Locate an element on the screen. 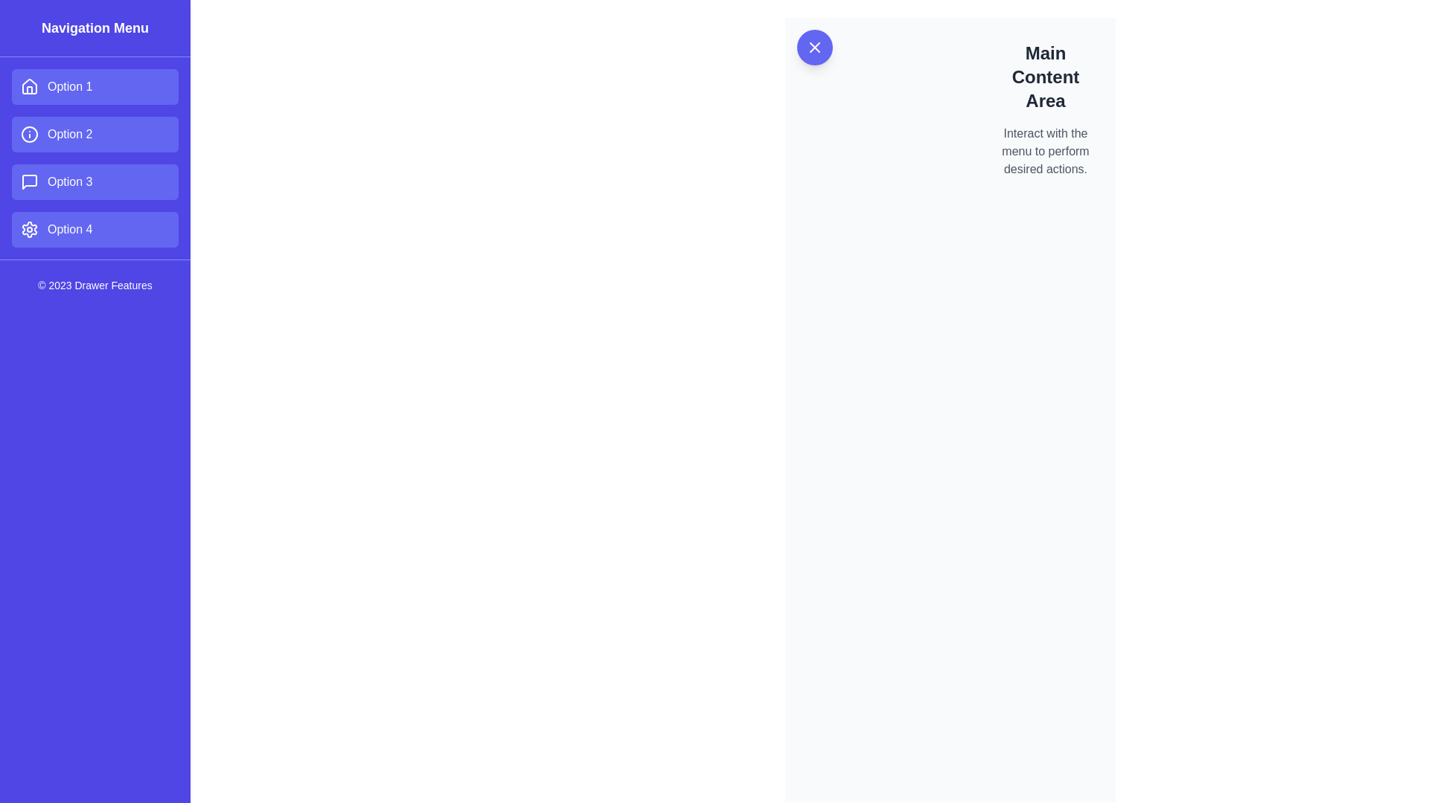 The height and width of the screenshot is (803, 1429). the rectangular button with a purple background labeled 'Option 4' is located at coordinates (95, 229).